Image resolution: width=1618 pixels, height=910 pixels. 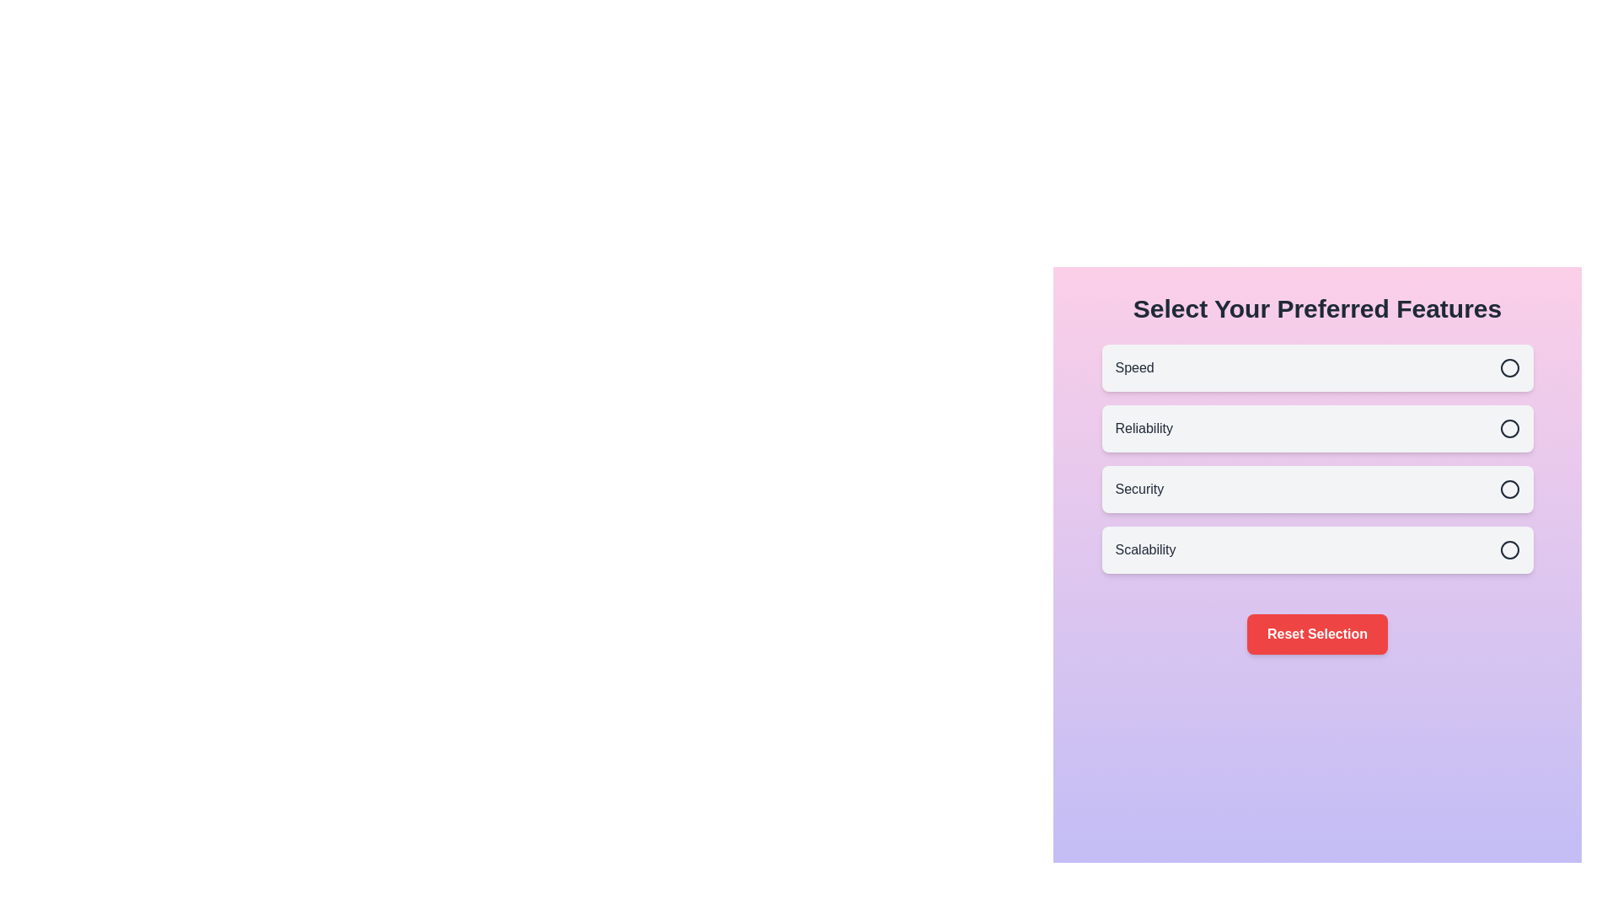 I want to click on the Reset Selection button to reset all feature selections, so click(x=1316, y=634).